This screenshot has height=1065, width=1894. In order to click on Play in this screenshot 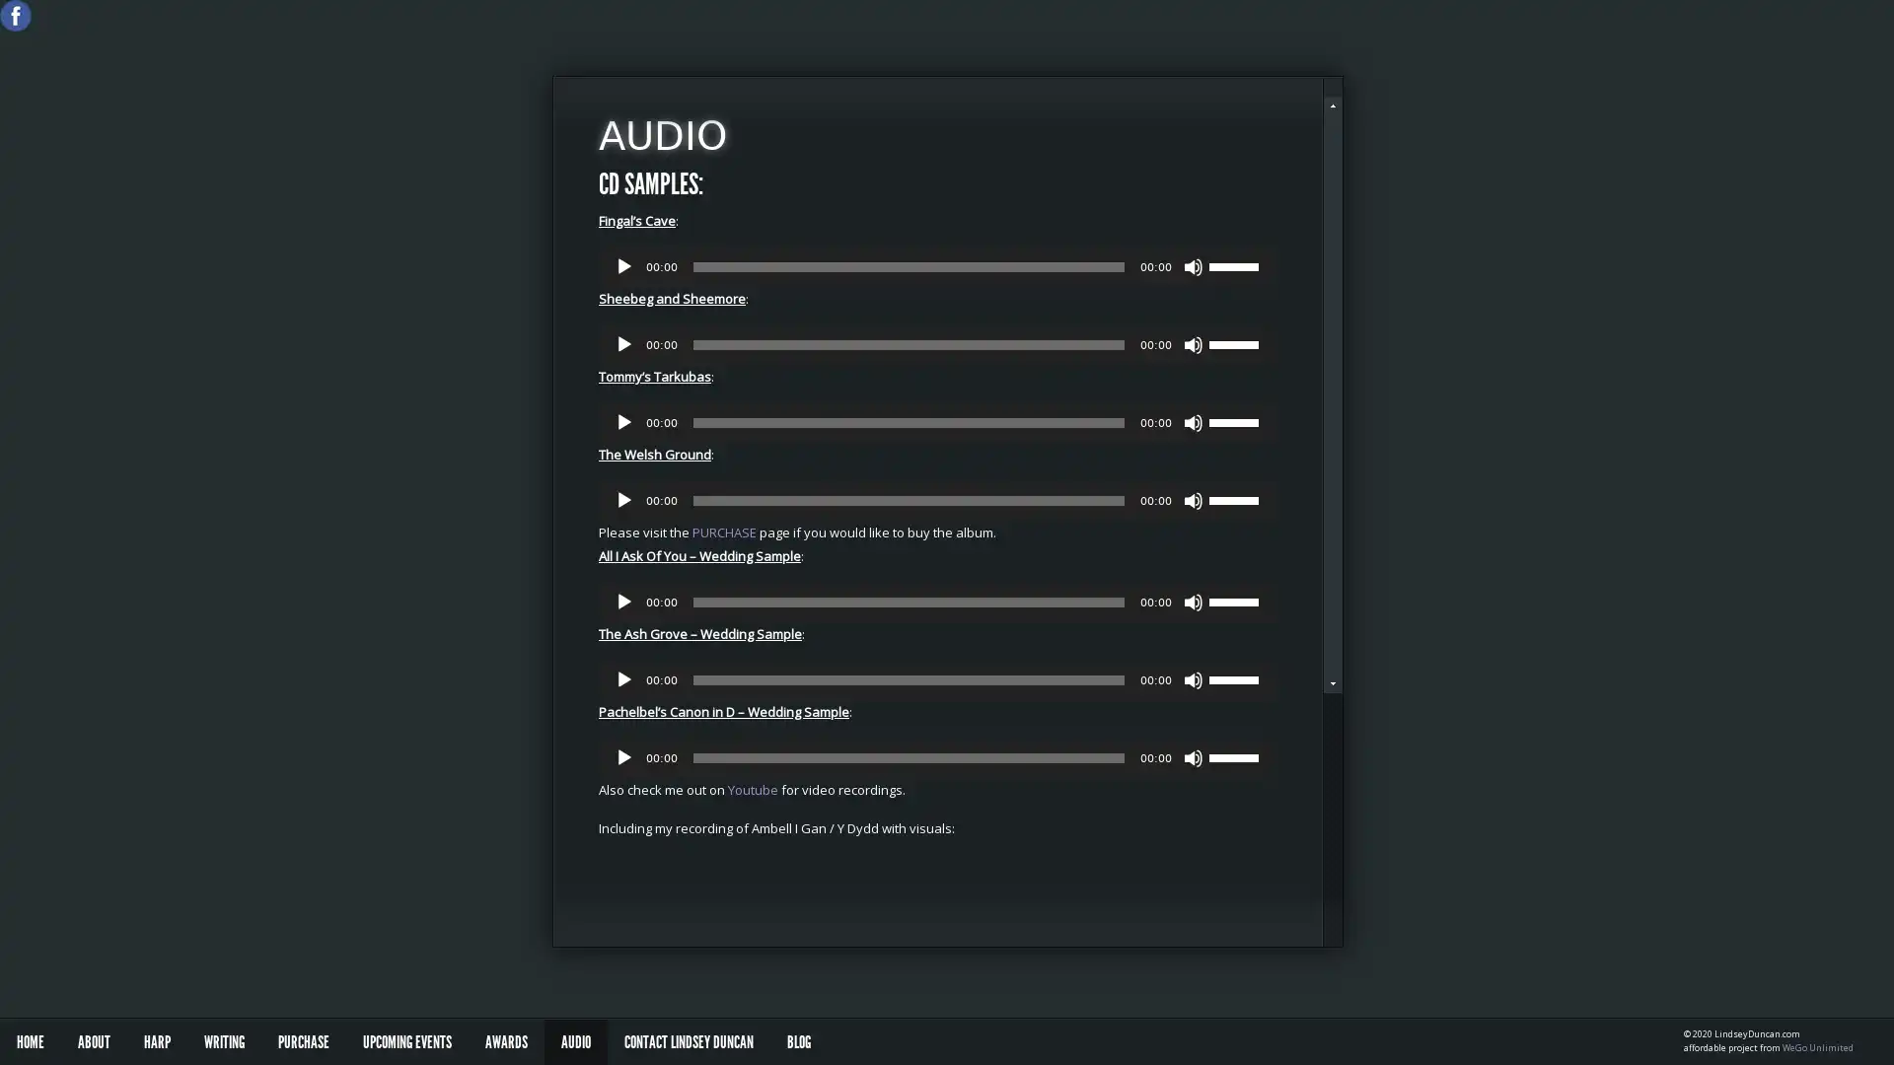, I will do `click(623, 421)`.